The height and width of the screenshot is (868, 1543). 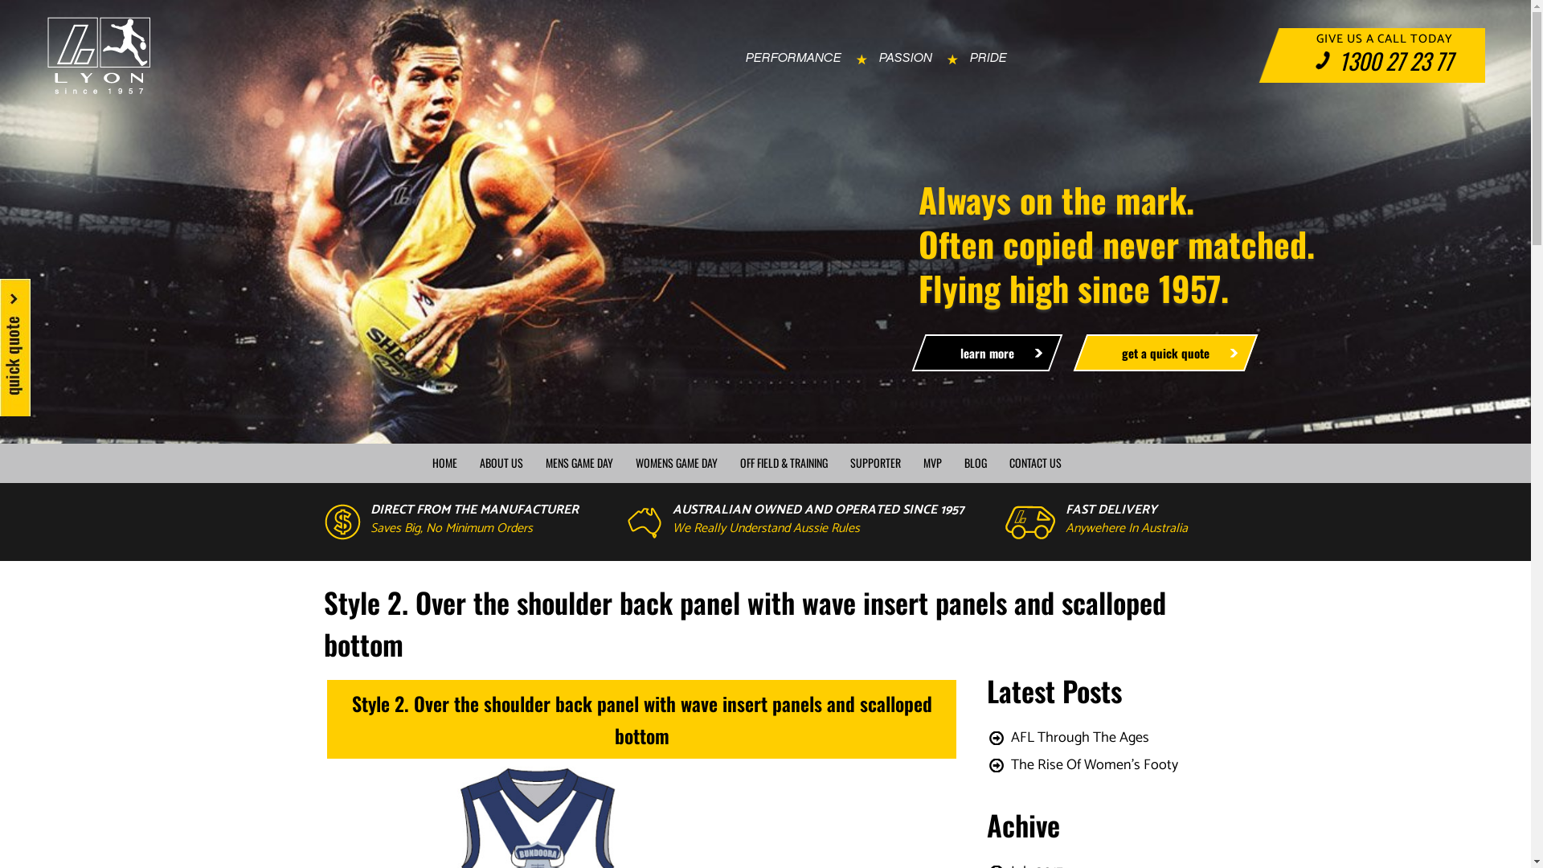 What do you see at coordinates (968, 58) in the screenshot?
I see `'PRIDE'` at bounding box center [968, 58].